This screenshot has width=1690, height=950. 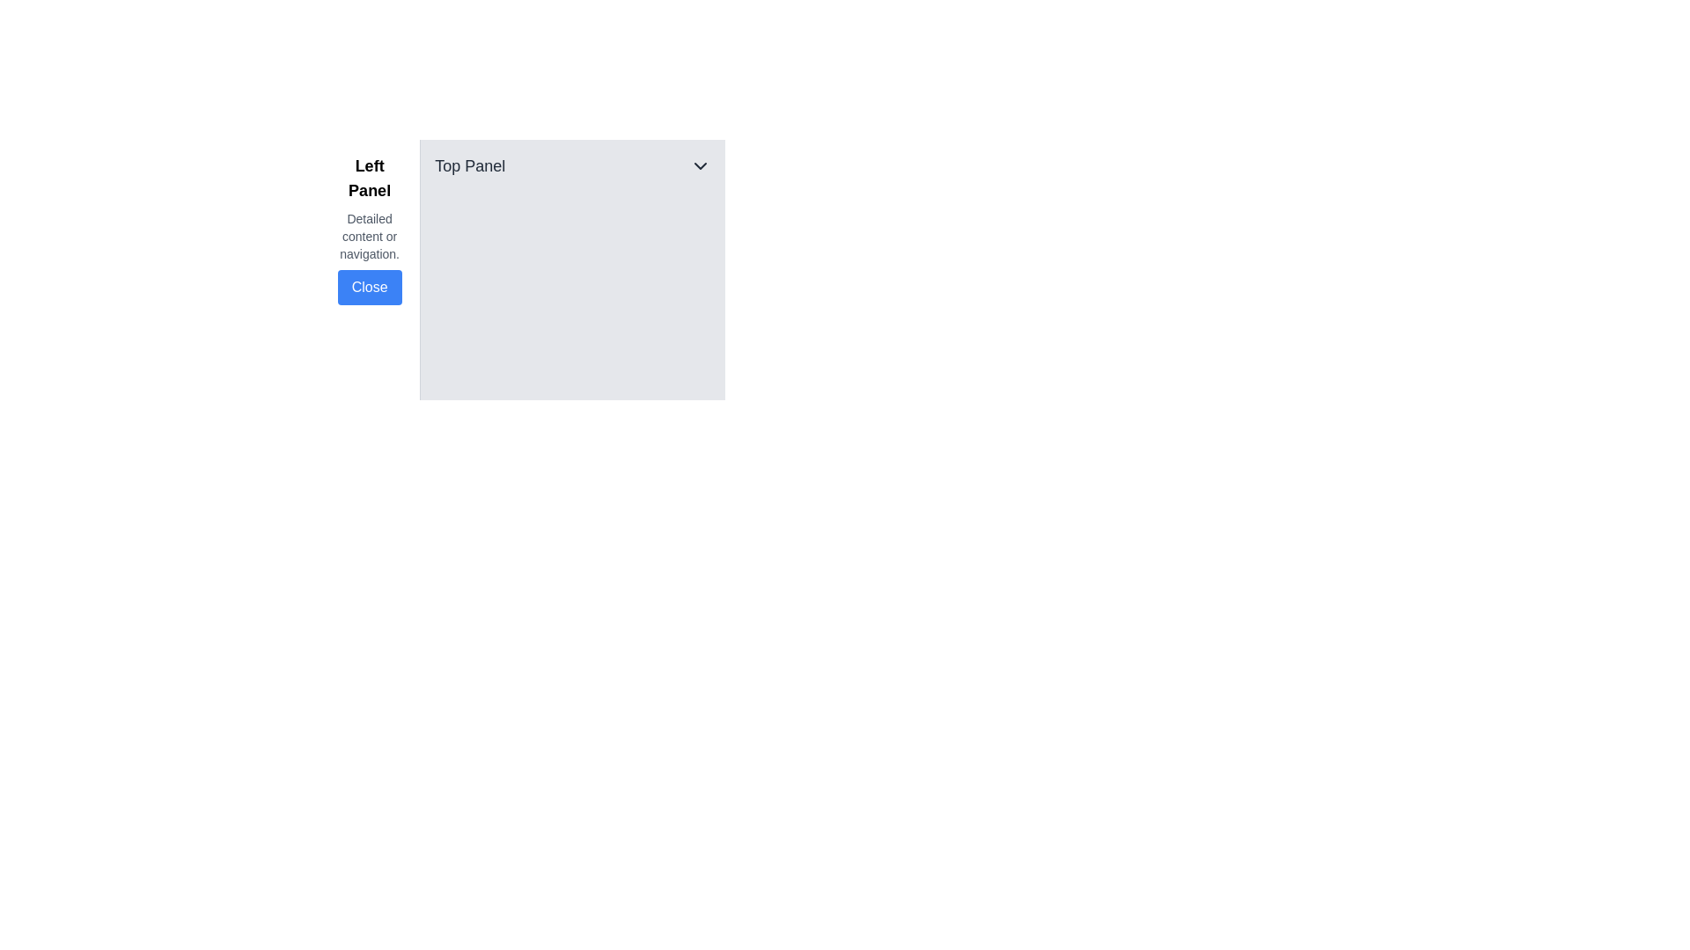 I want to click on the Dropdown toggle button located in the upper-right corner of the 'Top Panel', so click(x=700, y=166).